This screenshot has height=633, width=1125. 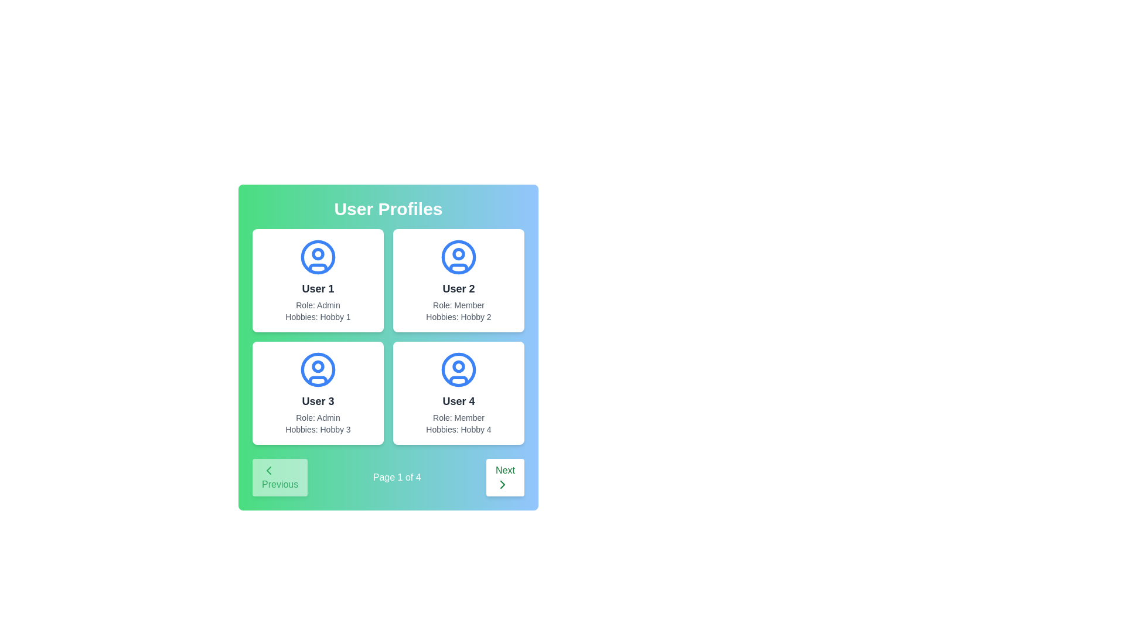 What do you see at coordinates (388, 477) in the screenshot?
I see `the pagination navigation bar located at the bottom of the 'User Profiles' section` at bounding box center [388, 477].